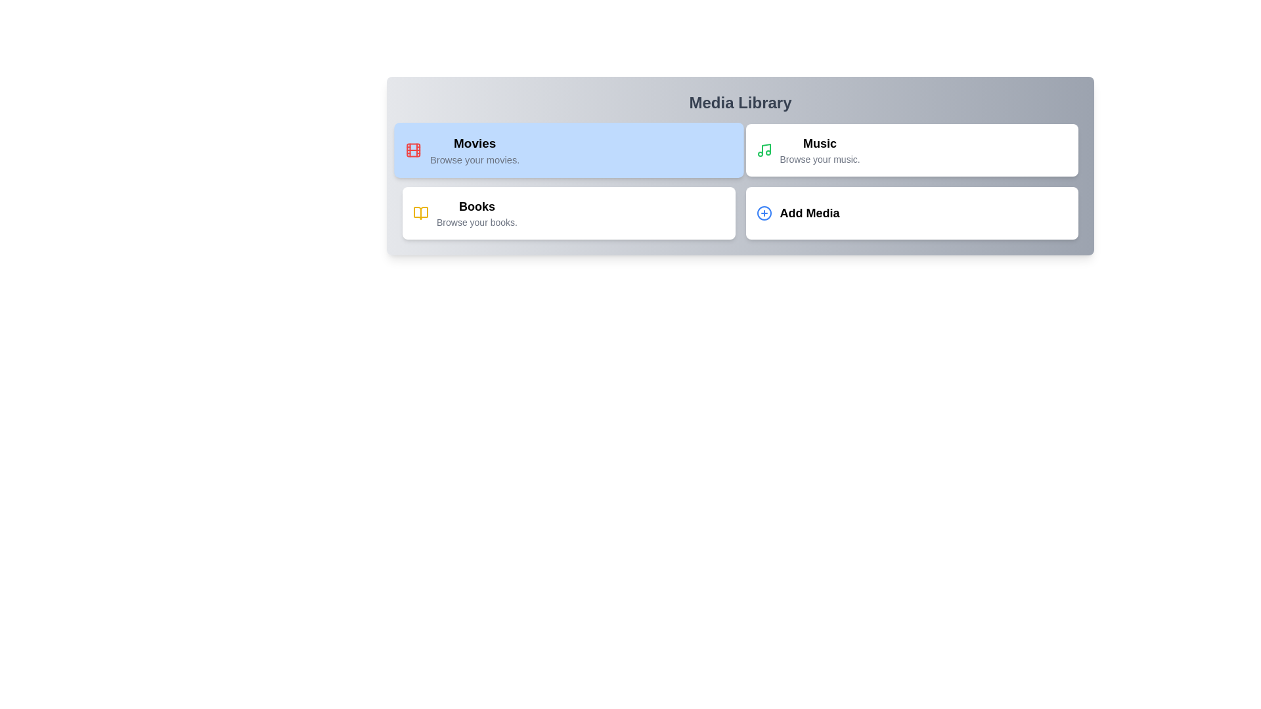  Describe the element at coordinates (568, 149) in the screenshot. I see `the category button corresponding to Movies` at that location.